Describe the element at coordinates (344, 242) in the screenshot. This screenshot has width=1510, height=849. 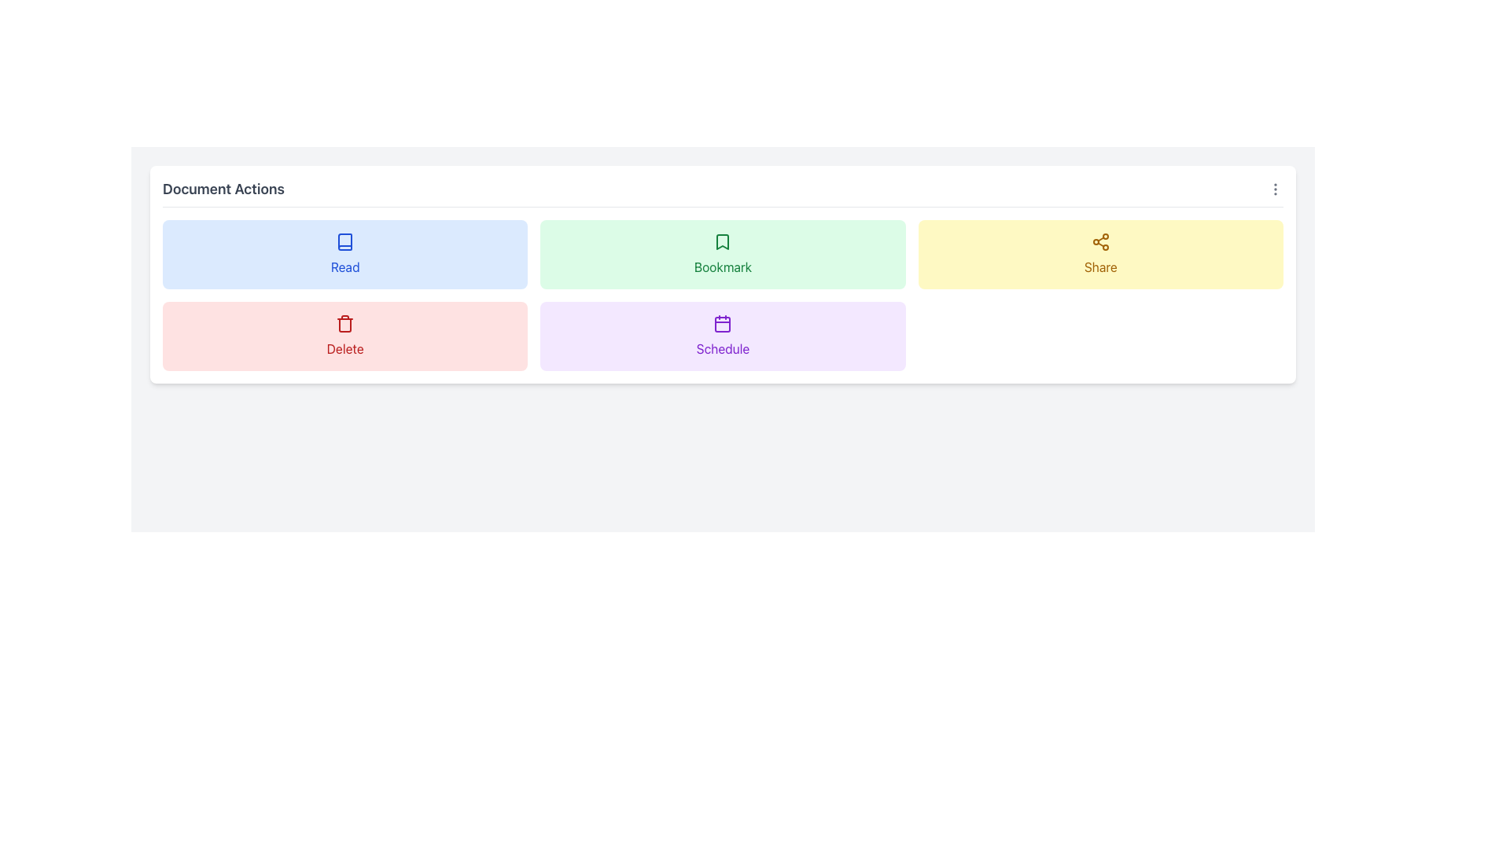
I see `the 'Read' button represented by the visual icon in the top-left section of the 'Document Actions' area` at that location.